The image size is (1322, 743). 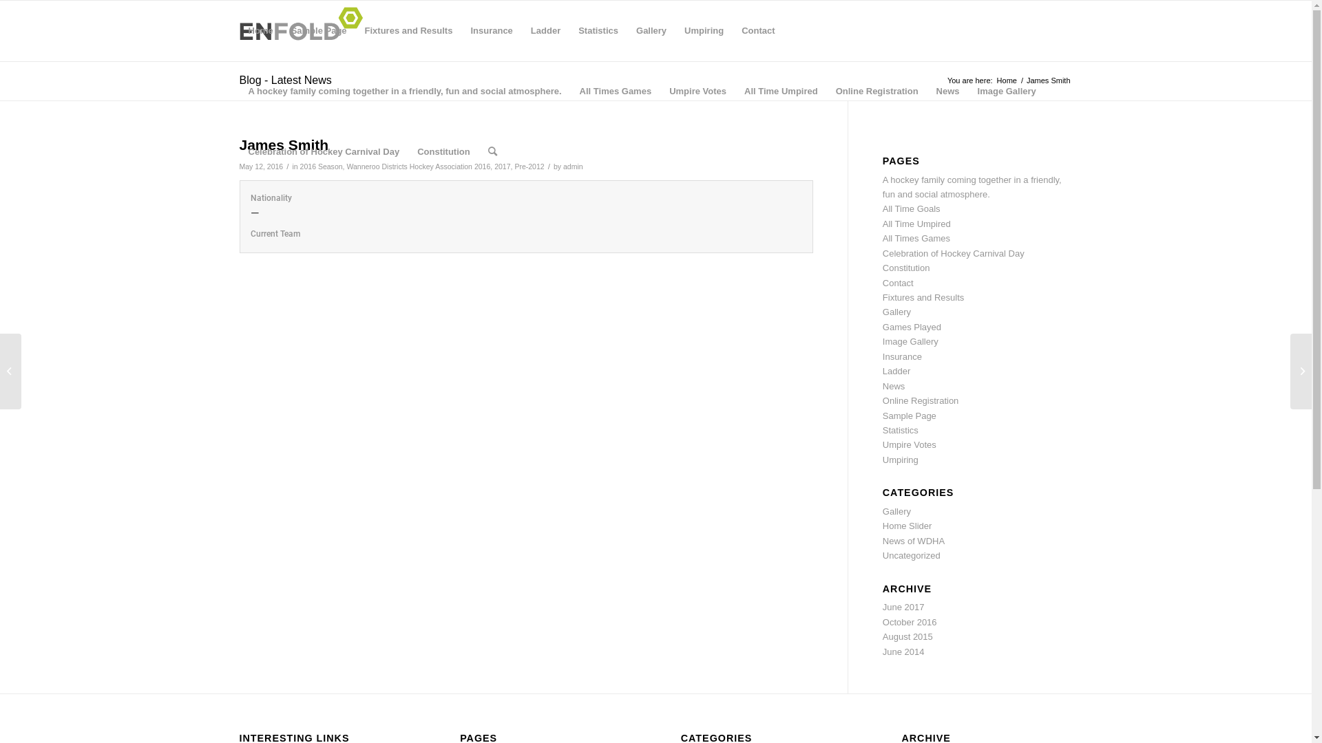 I want to click on 'Home', so click(x=1007, y=80).